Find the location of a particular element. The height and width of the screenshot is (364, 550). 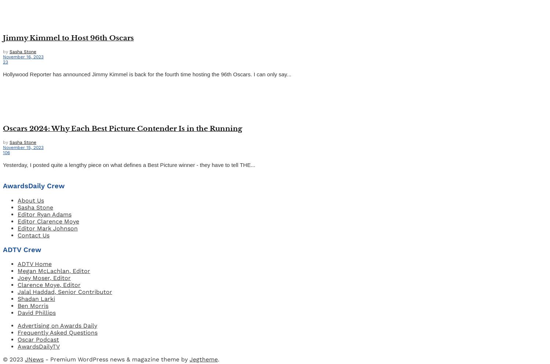

'AwardsDaily Crew' is located at coordinates (33, 186).